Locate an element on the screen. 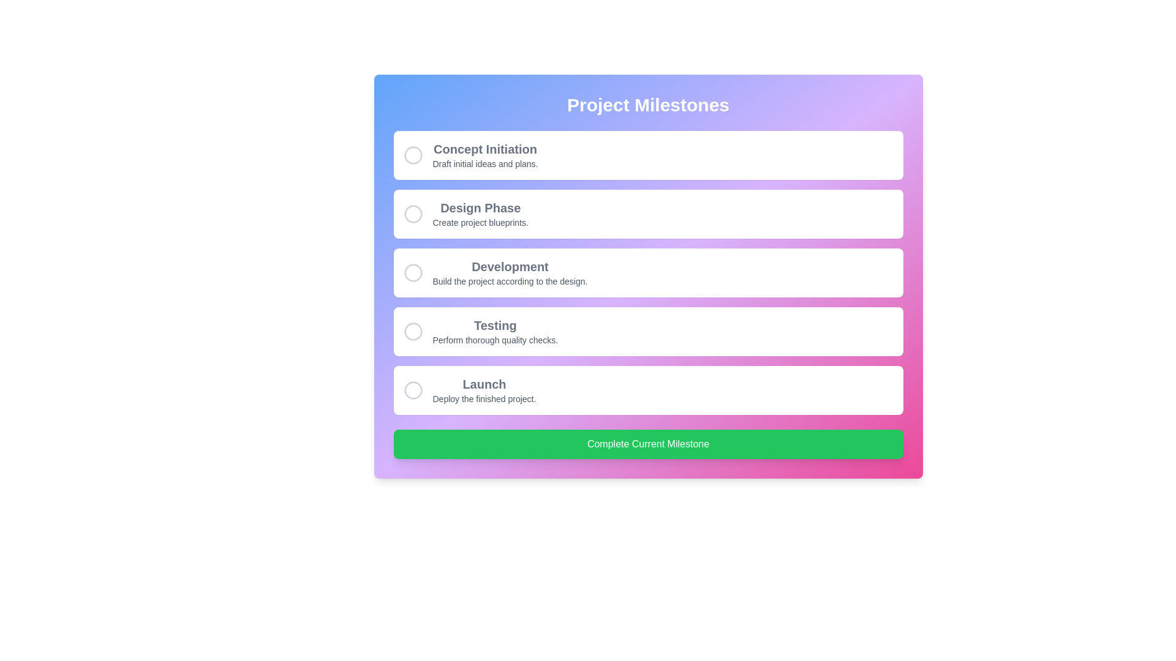 This screenshot has width=1176, height=661. text of the milestone list item labeled 'Development' which provides details about building the project according to the design is located at coordinates (510, 272).